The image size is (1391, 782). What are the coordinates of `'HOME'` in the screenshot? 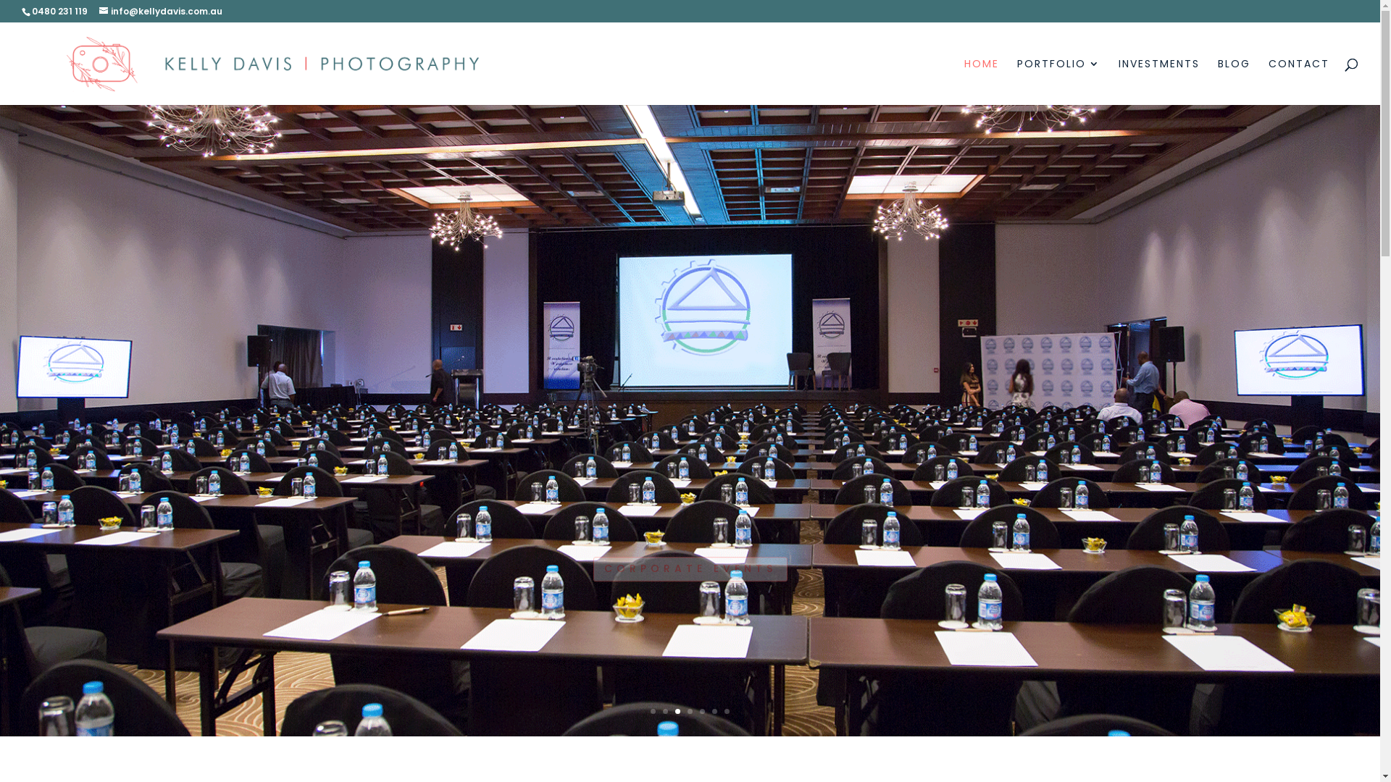 It's located at (981, 81).